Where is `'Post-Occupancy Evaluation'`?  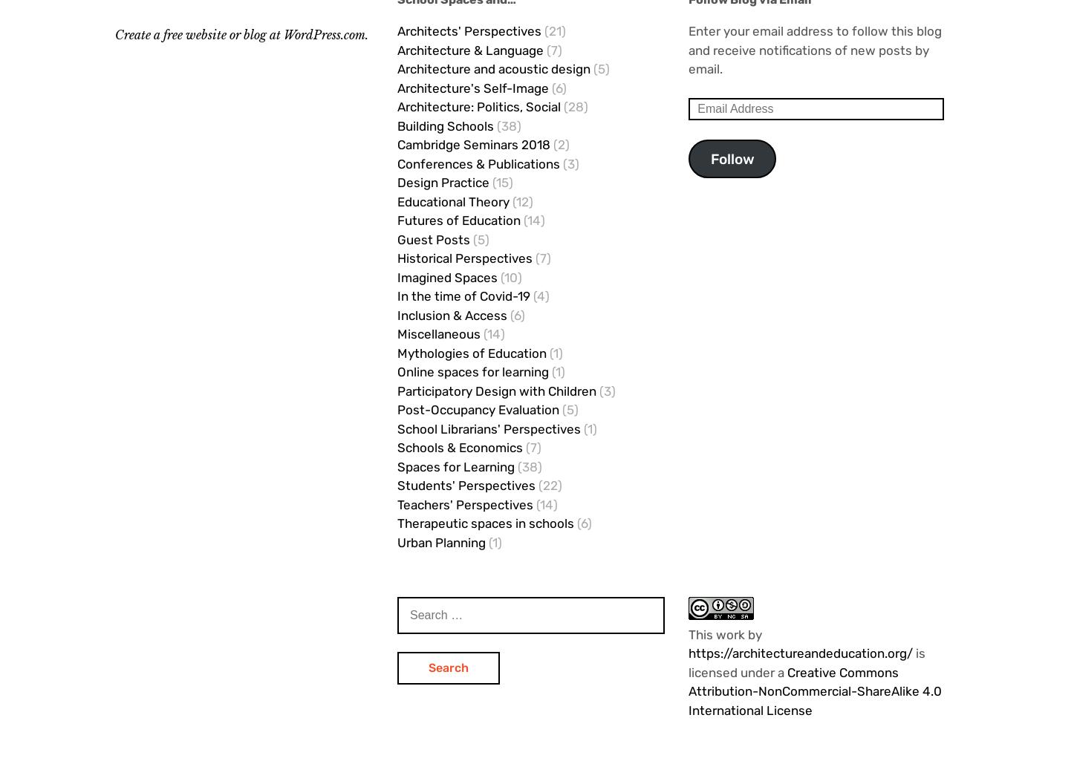
'Post-Occupancy Evaluation' is located at coordinates (477, 408).